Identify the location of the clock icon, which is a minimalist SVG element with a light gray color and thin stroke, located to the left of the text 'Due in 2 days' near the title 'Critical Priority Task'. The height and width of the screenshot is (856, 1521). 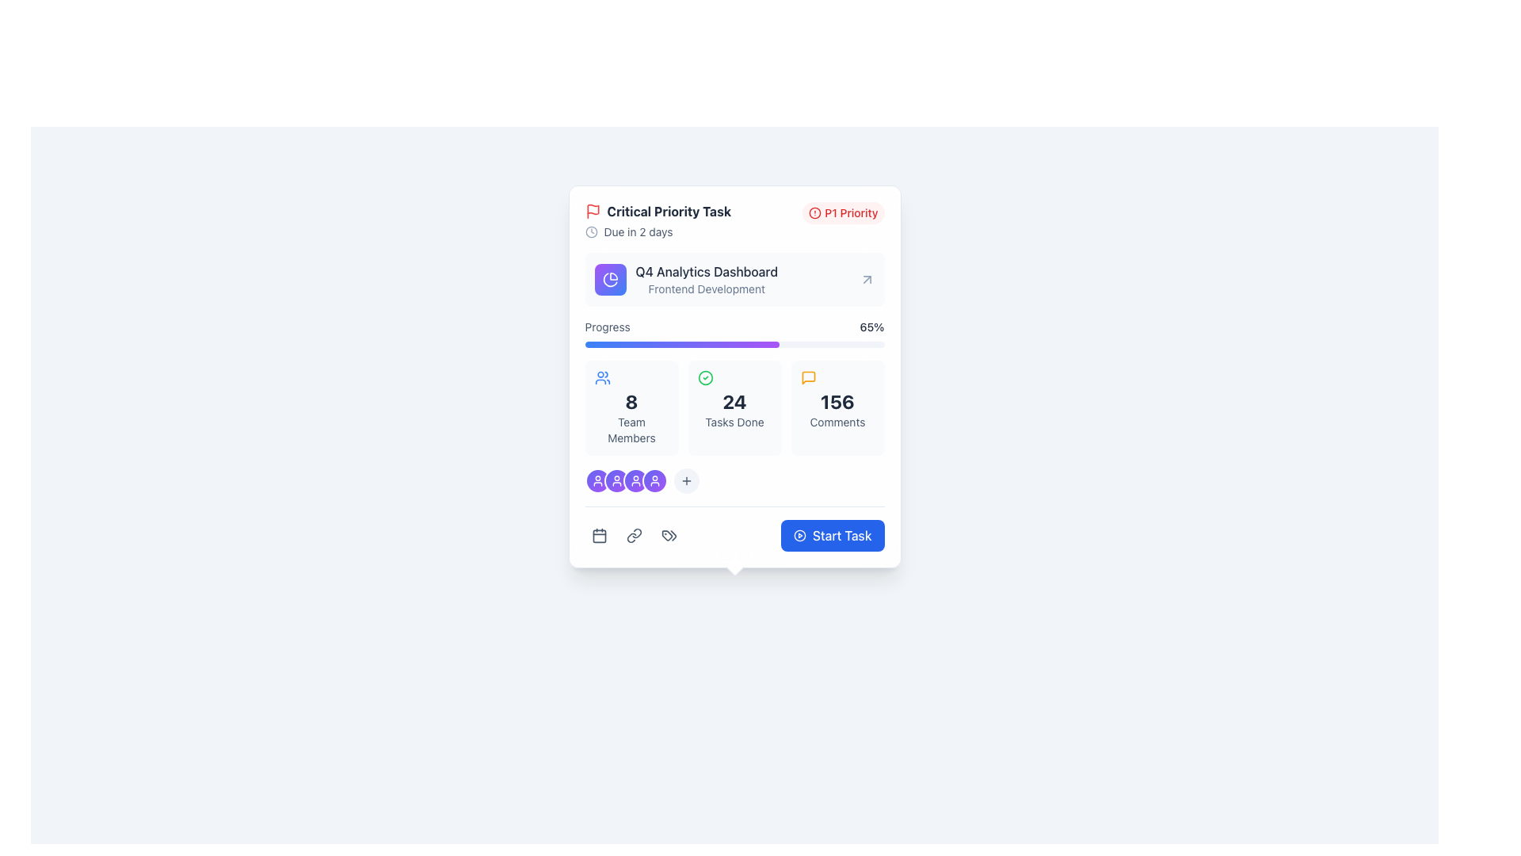
(590, 232).